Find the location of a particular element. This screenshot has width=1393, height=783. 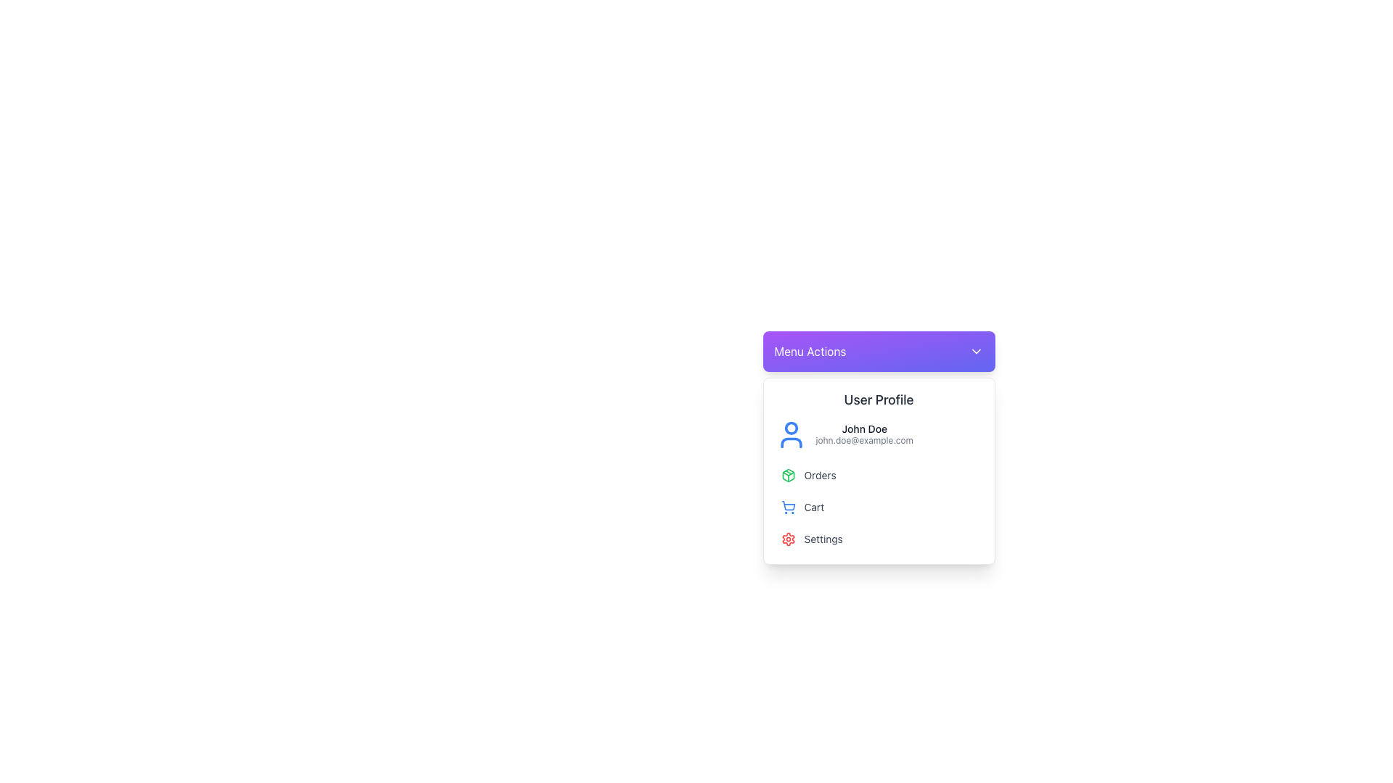

the email address display element located beneath 'John Doe' in the user profile card is located at coordinates (864, 440).